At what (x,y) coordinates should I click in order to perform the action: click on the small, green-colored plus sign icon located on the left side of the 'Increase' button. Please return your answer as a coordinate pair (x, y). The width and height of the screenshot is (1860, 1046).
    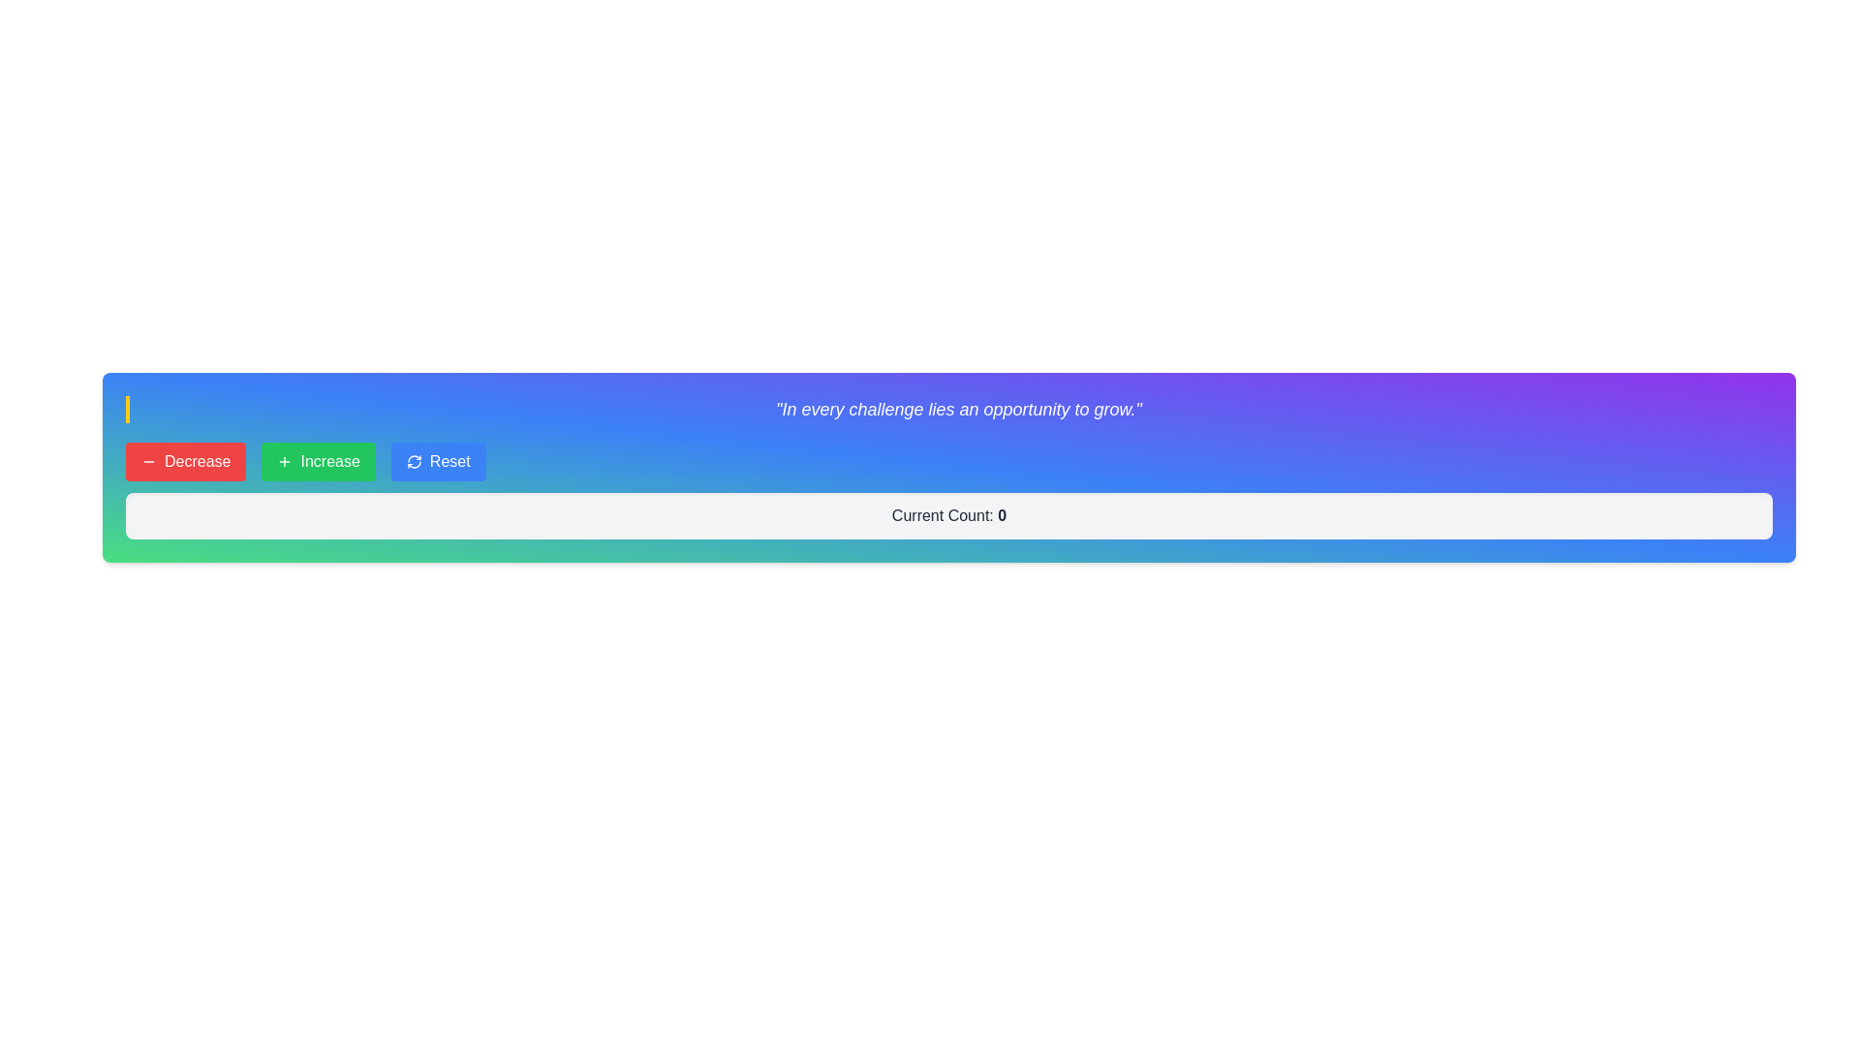
    Looking at the image, I should click on (284, 462).